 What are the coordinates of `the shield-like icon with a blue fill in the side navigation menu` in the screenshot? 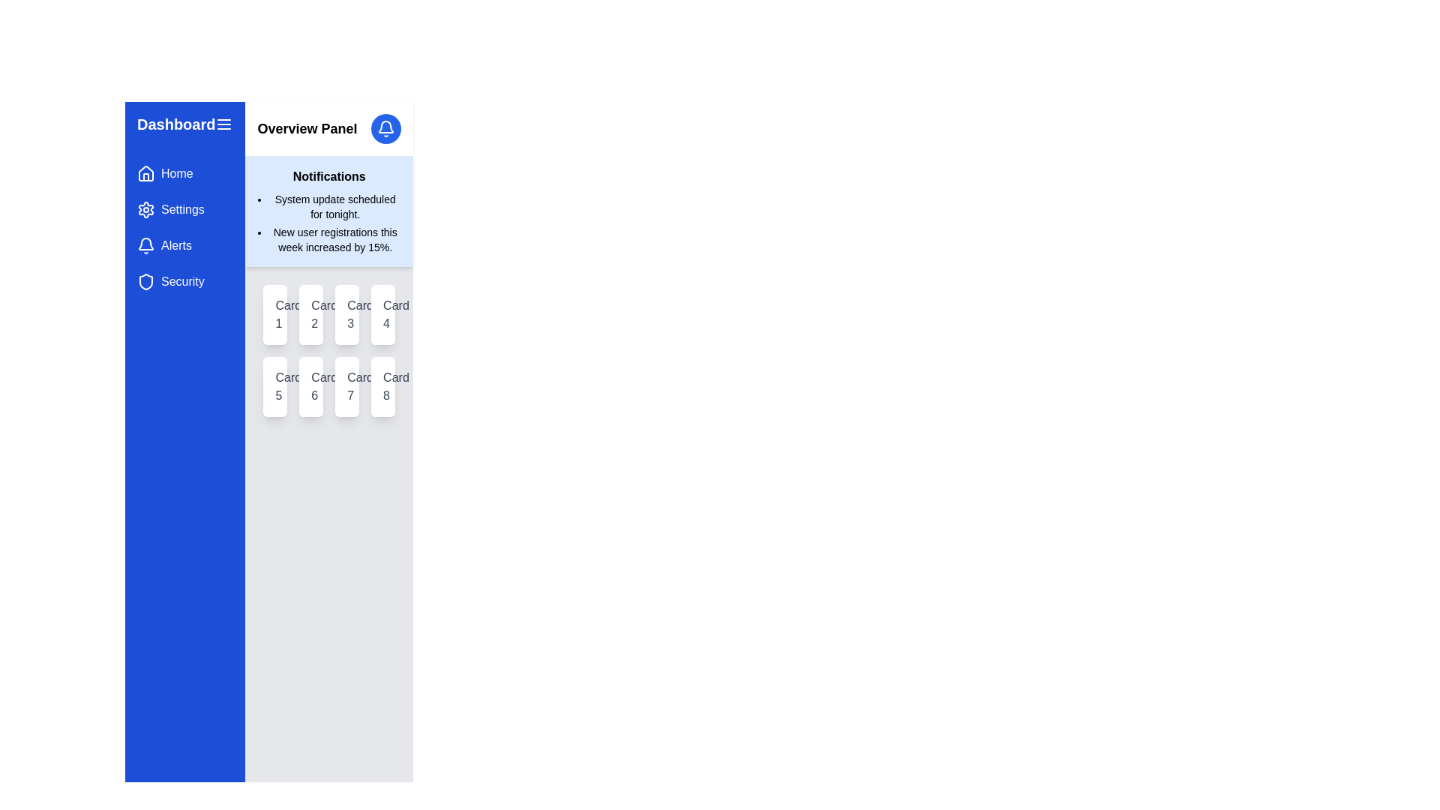 It's located at (146, 281).